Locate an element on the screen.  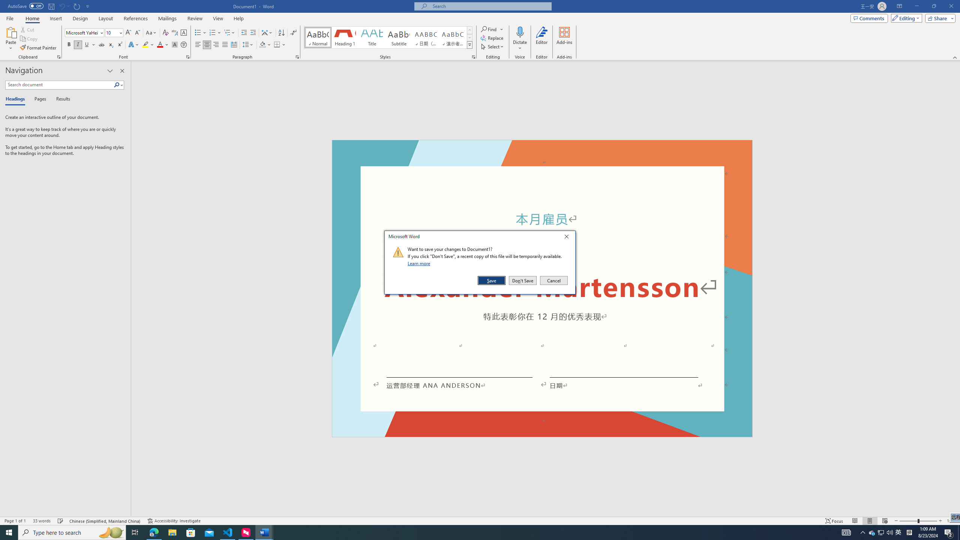
'Format Painter' is located at coordinates (38, 48).